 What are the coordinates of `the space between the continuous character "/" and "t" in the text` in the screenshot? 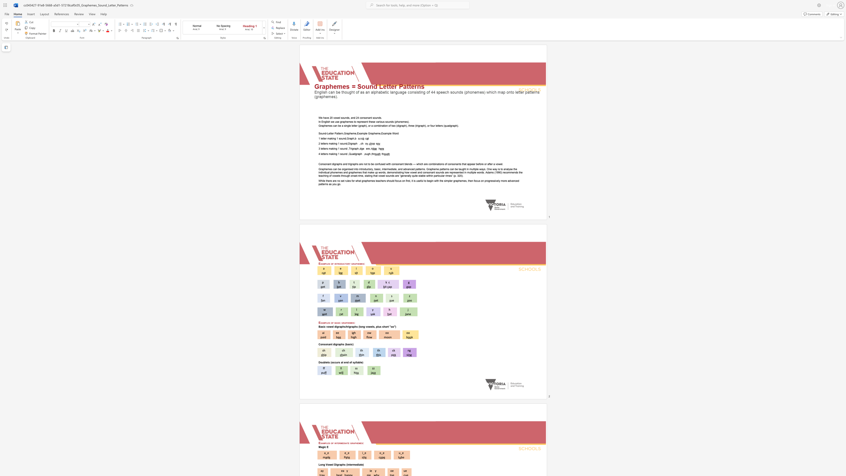 It's located at (346, 327).